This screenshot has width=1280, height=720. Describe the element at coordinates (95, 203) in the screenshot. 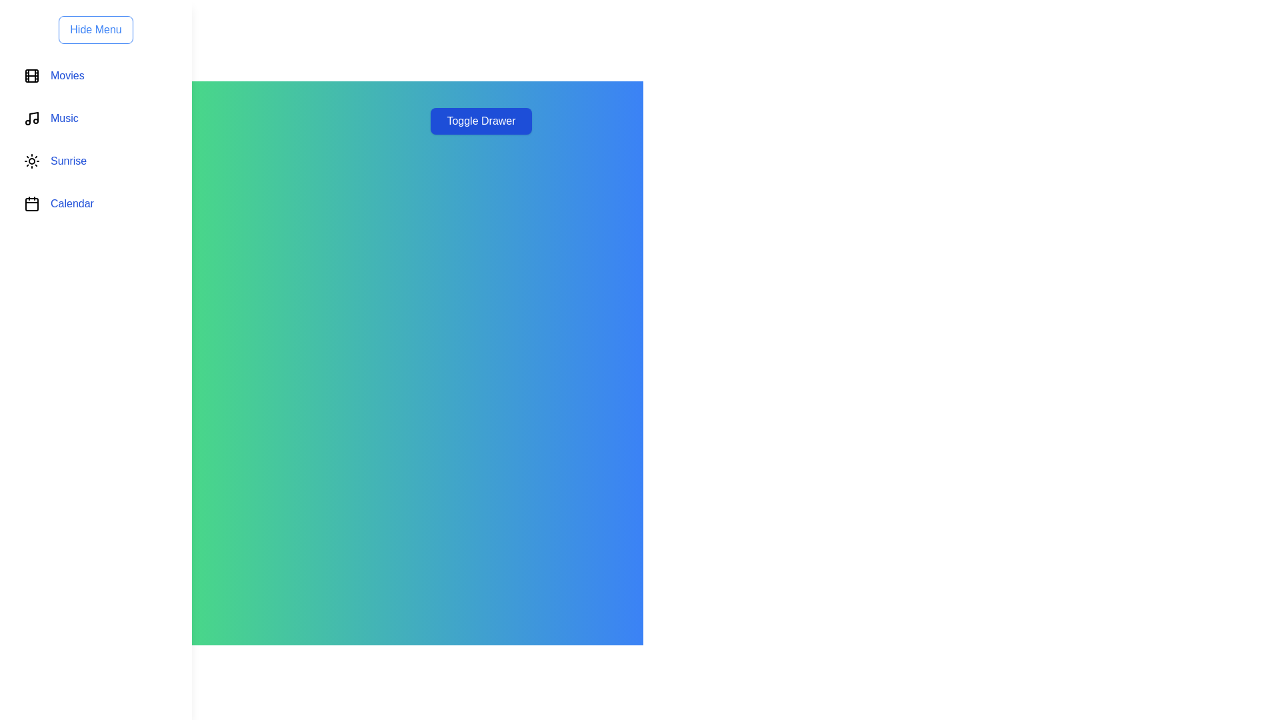

I see `the menu item labeled Calendar to observe its hover effect` at that location.